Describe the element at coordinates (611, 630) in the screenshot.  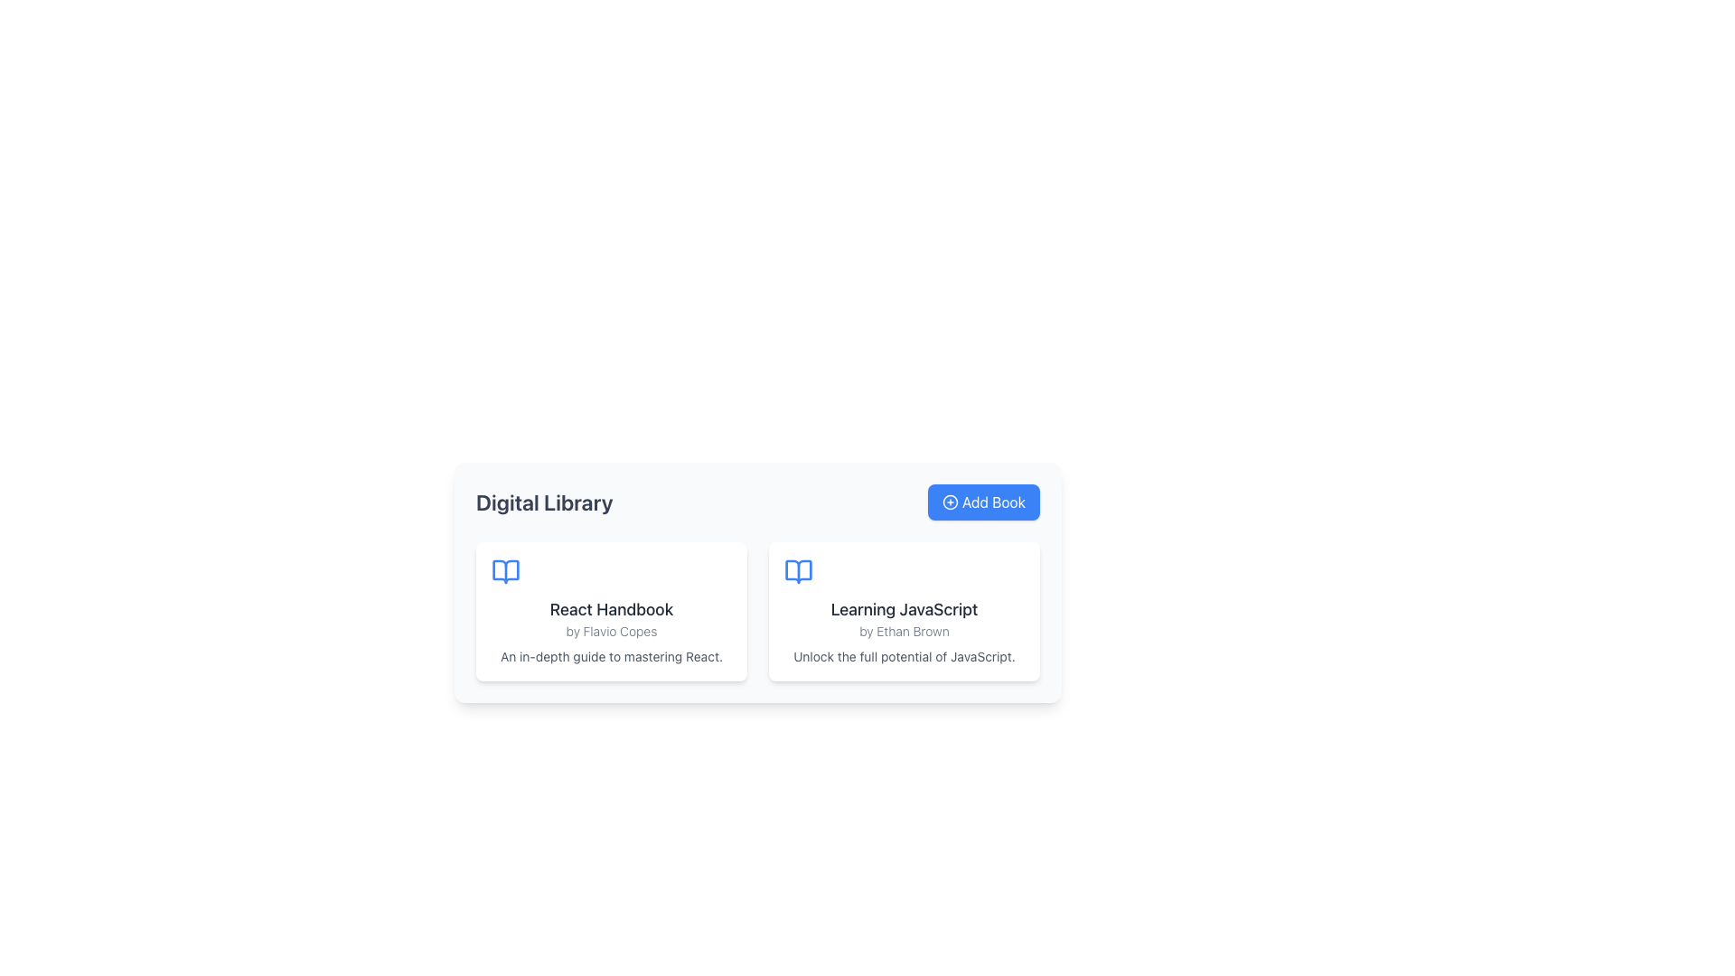
I see `the gray, italicized text label that reads 'by Flavio Copes', positioned underneath 'React Handbook'` at that location.